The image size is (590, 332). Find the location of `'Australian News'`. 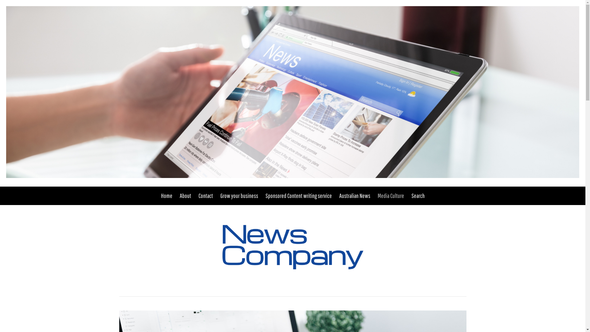

'Australian News' is located at coordinates (355, 196).